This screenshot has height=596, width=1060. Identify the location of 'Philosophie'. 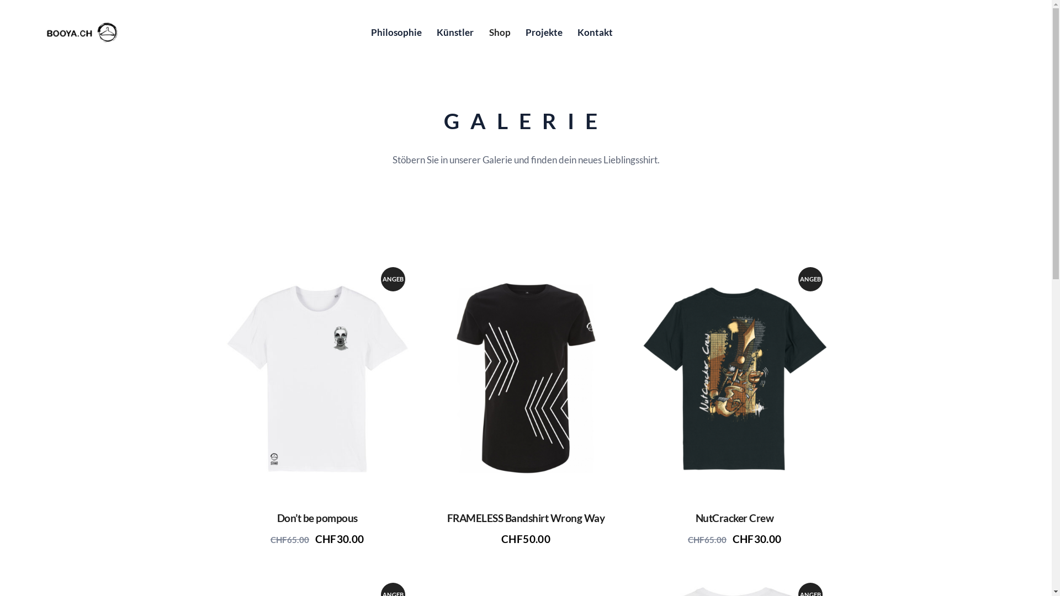
(363, 31).